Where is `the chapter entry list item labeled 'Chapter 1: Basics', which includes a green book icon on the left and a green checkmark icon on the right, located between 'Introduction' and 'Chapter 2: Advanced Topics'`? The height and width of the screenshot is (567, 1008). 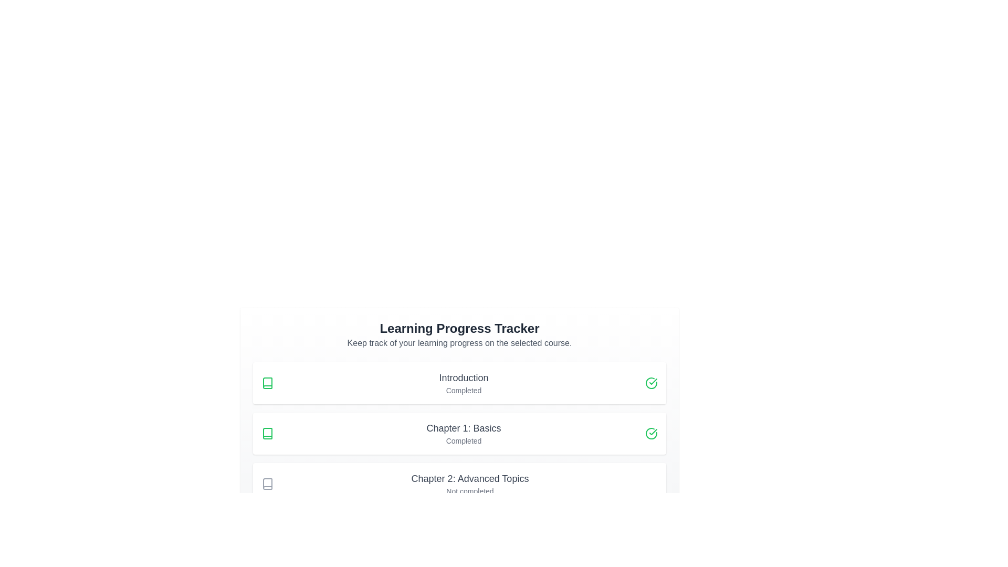
the chapter entry list item labeled 'Chapter 1: Basics', which includes a green book icon on the left and a green checkmark icon on the right, located between 'Introduction' and 'Chapter 2: Advanced Topics' is located at coordinates (459, 433).